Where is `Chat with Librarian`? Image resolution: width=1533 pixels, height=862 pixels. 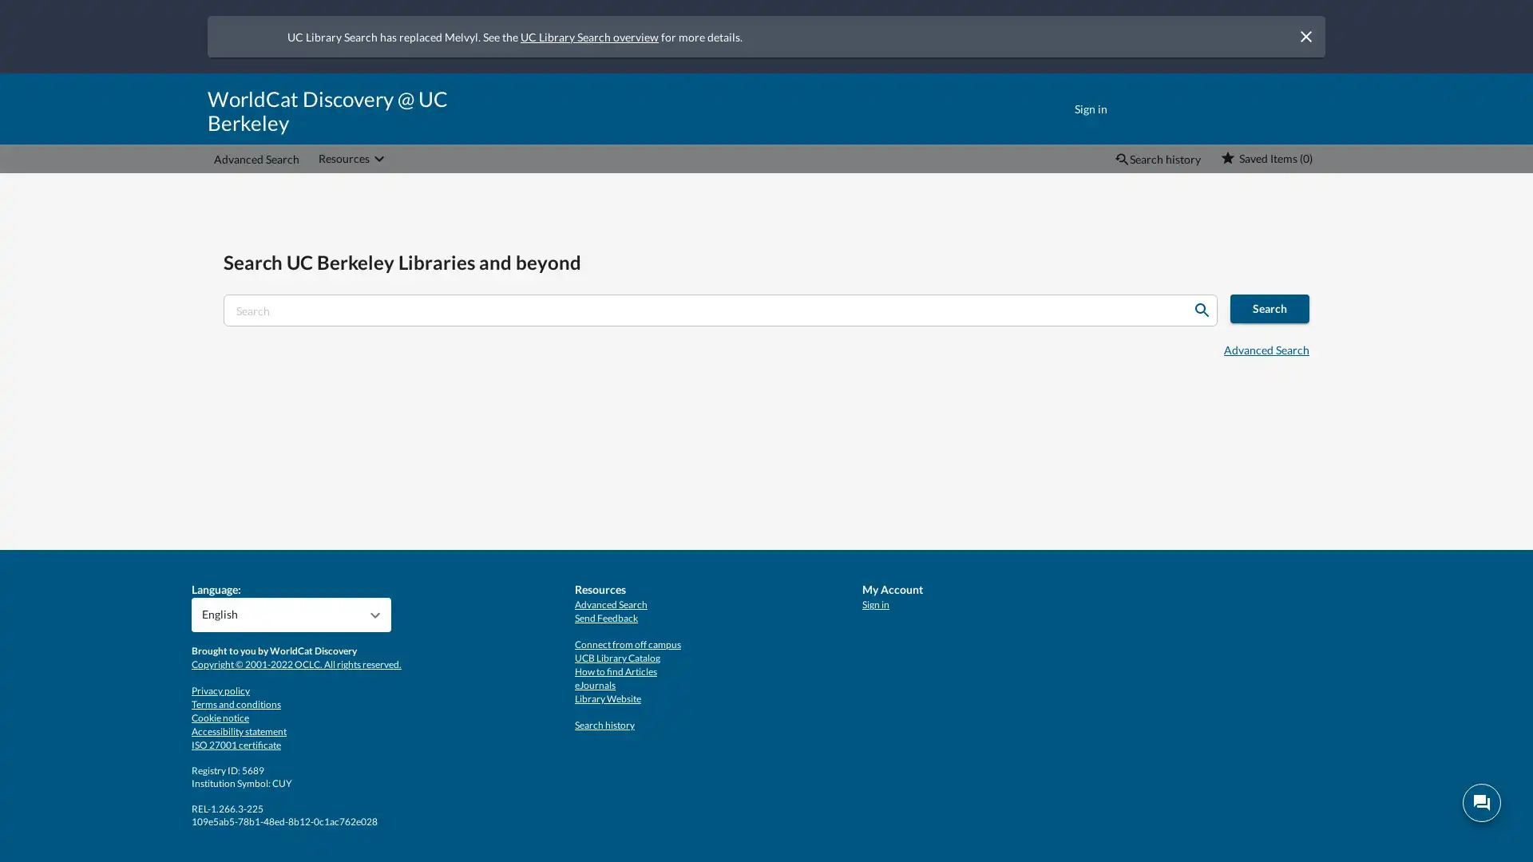 Chat with Librarian is located at coordinates (1481, 803).